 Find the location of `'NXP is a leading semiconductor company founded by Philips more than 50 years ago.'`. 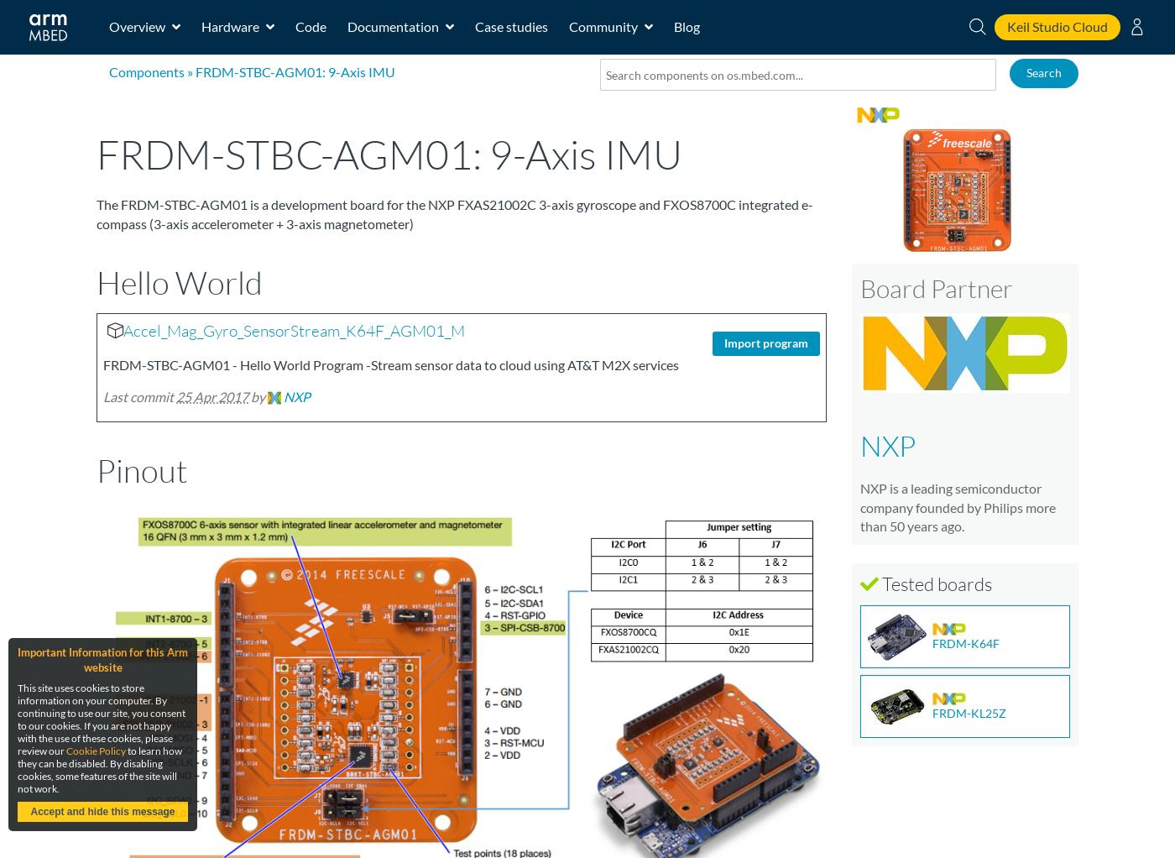

'NXP is a leading semiconductor company founded by Philips more than 50 years ago.' is located at coordinates (859, 506).